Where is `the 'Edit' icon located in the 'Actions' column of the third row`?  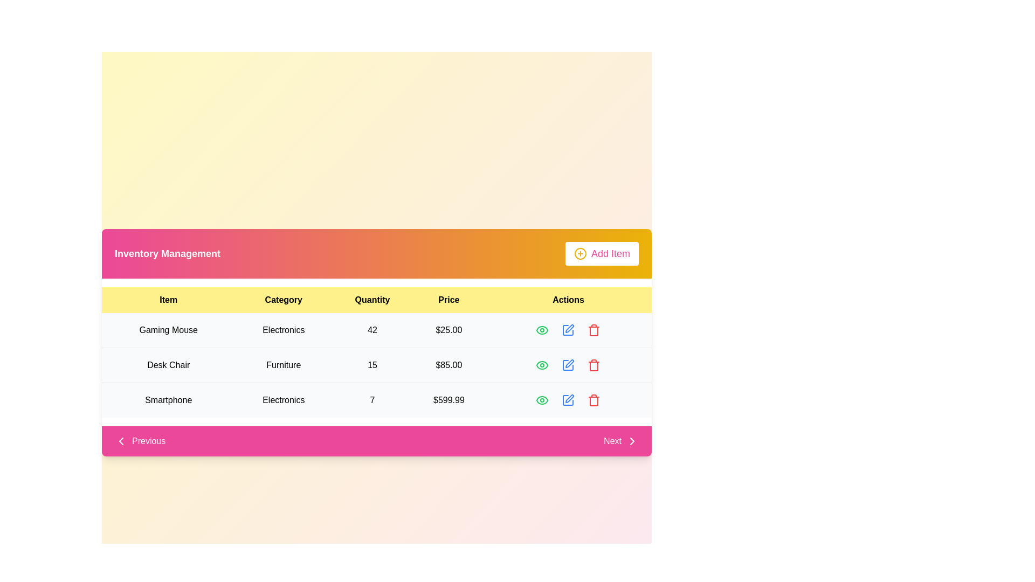
the 'Edit' icon located in the 'Actions' column of the third row is located at coordinates (568, 400).